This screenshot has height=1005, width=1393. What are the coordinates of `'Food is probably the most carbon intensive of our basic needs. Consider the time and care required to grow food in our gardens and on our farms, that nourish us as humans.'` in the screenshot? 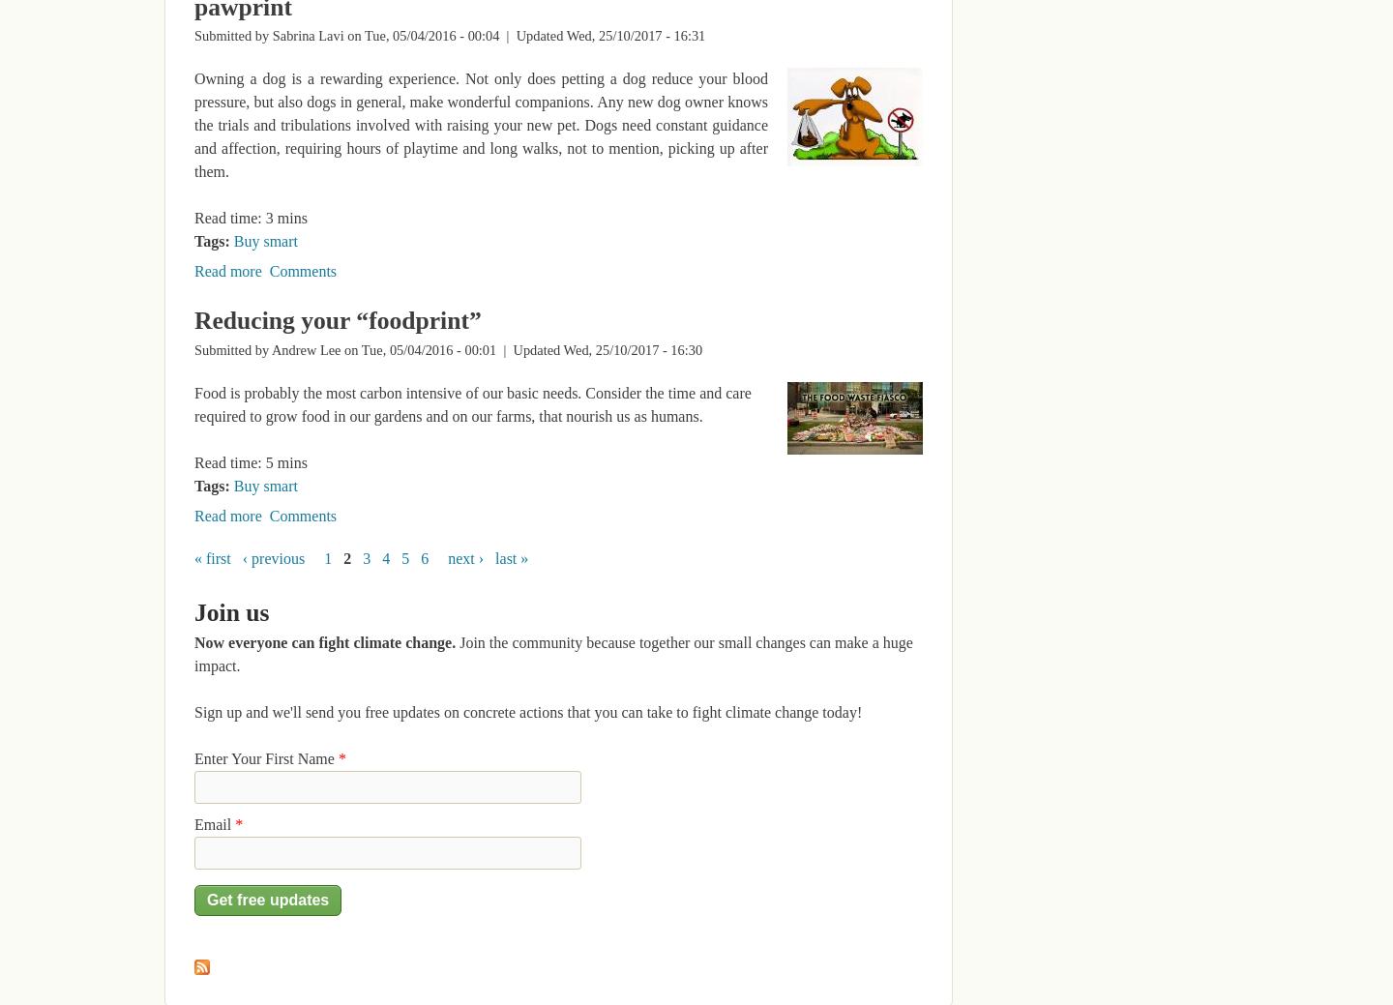 It's located at (471, 402).